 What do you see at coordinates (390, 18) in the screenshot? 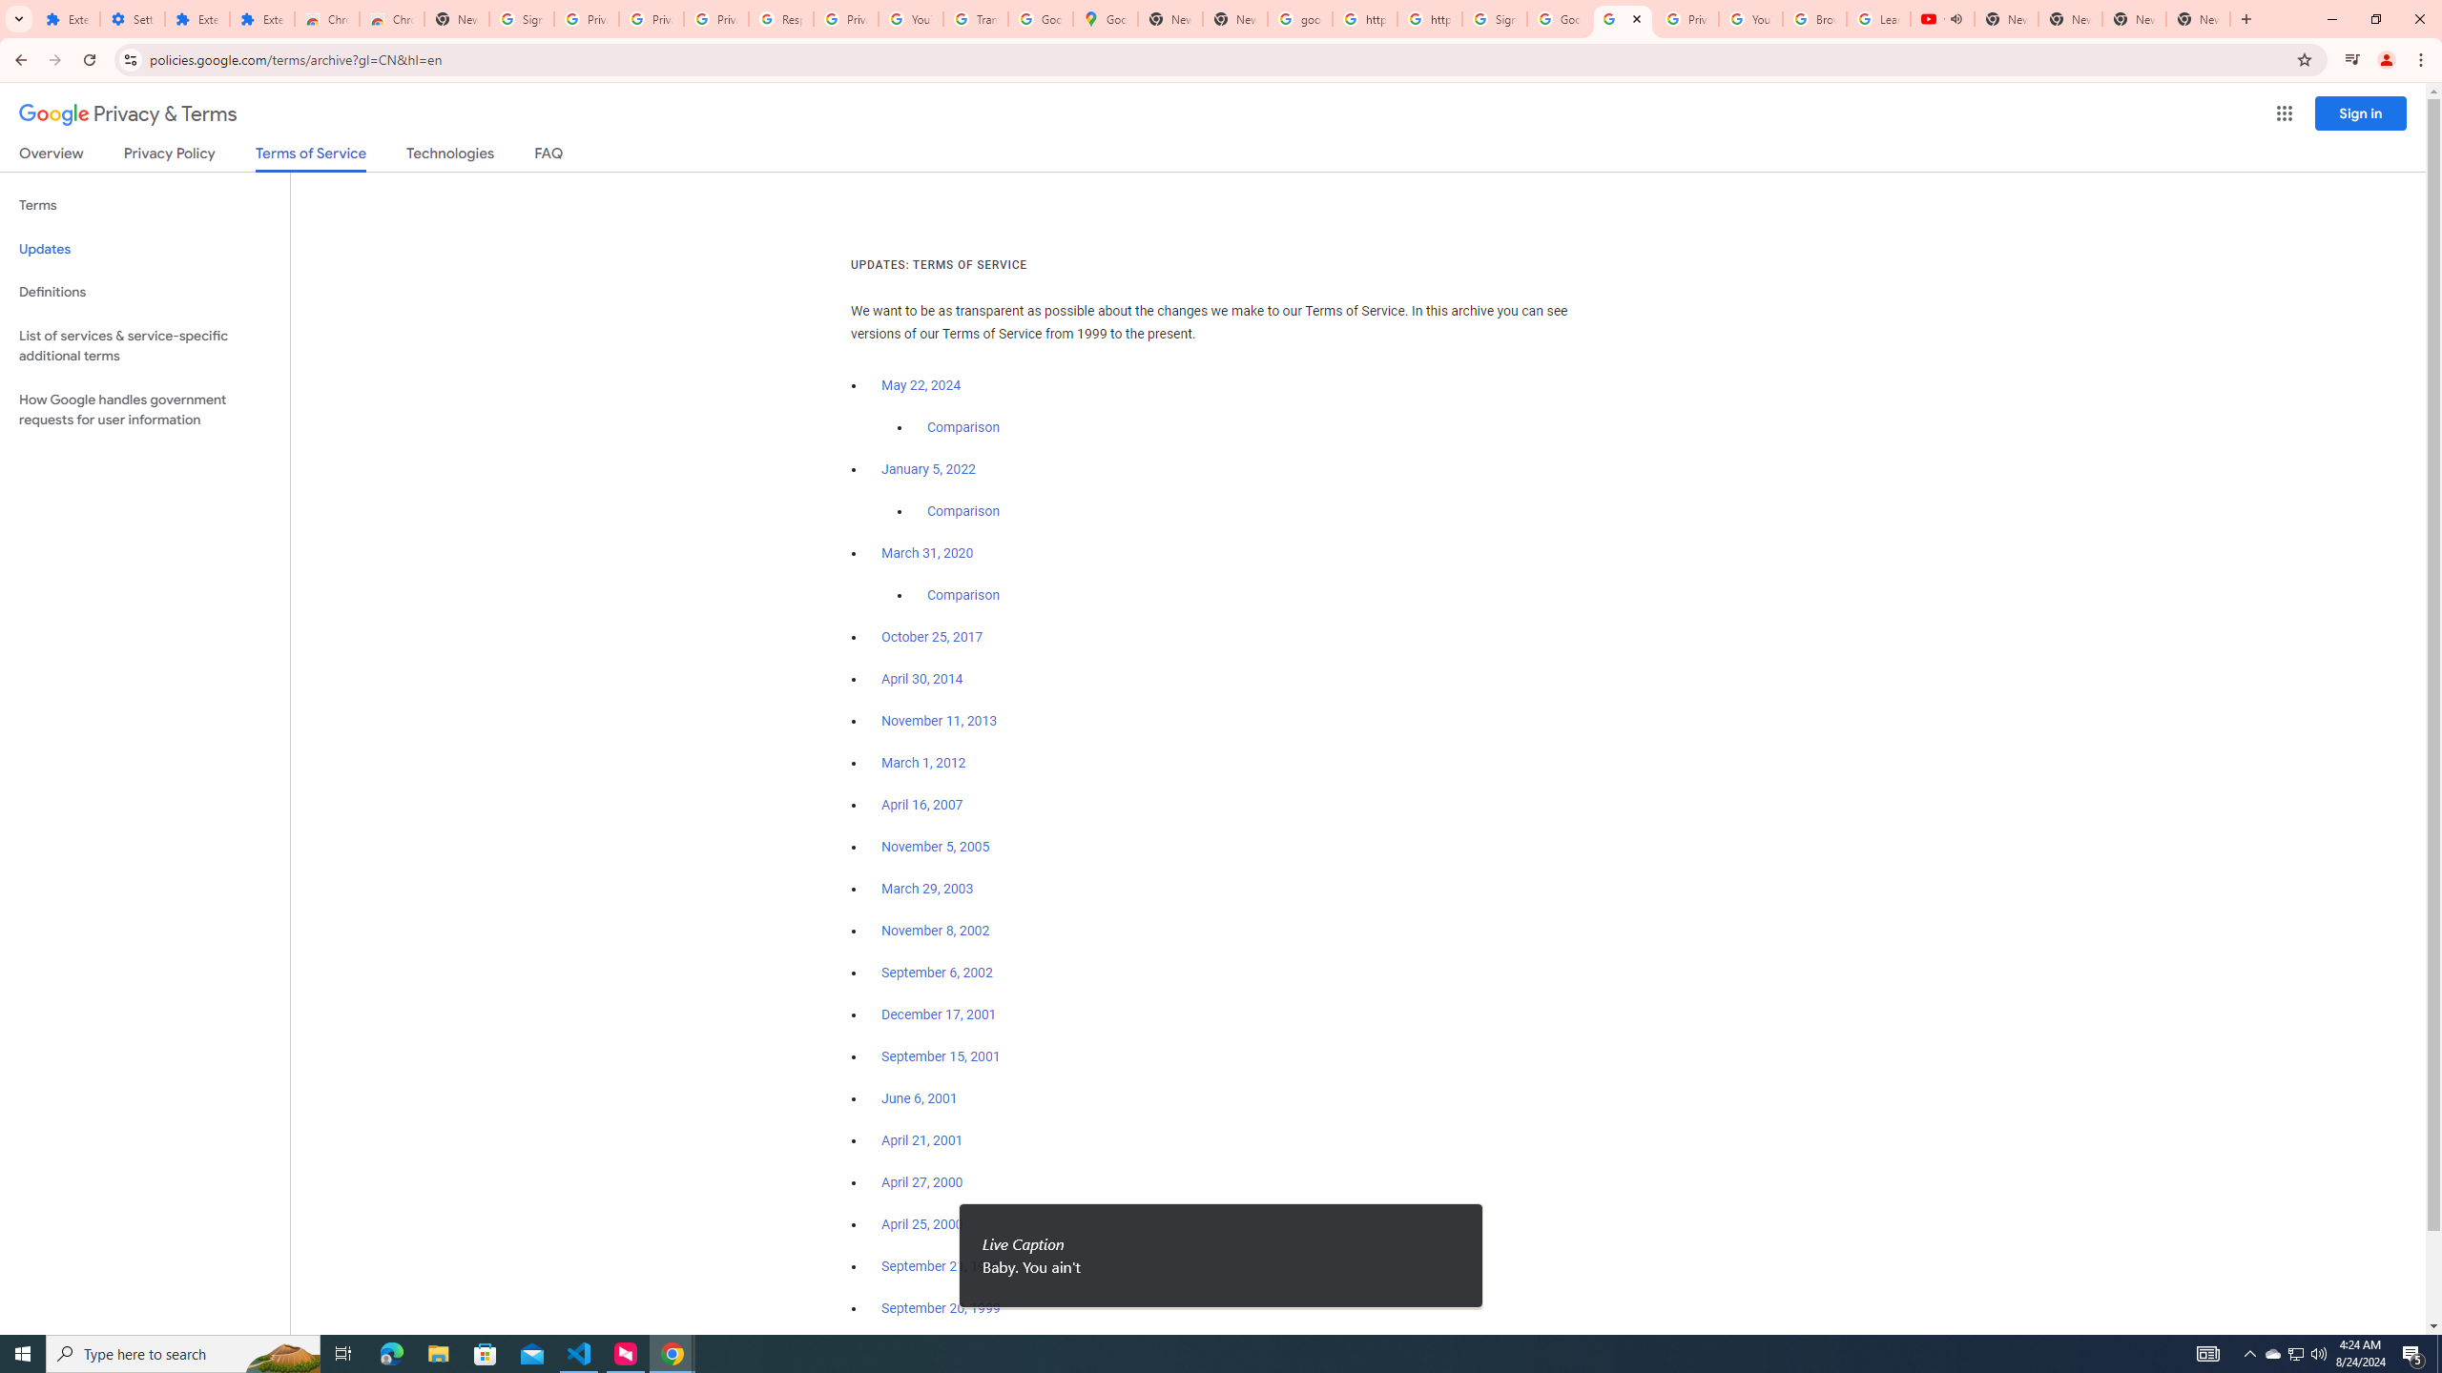
I see `'Chrome Web Store - Themes'` at bounding box center [390, 18].